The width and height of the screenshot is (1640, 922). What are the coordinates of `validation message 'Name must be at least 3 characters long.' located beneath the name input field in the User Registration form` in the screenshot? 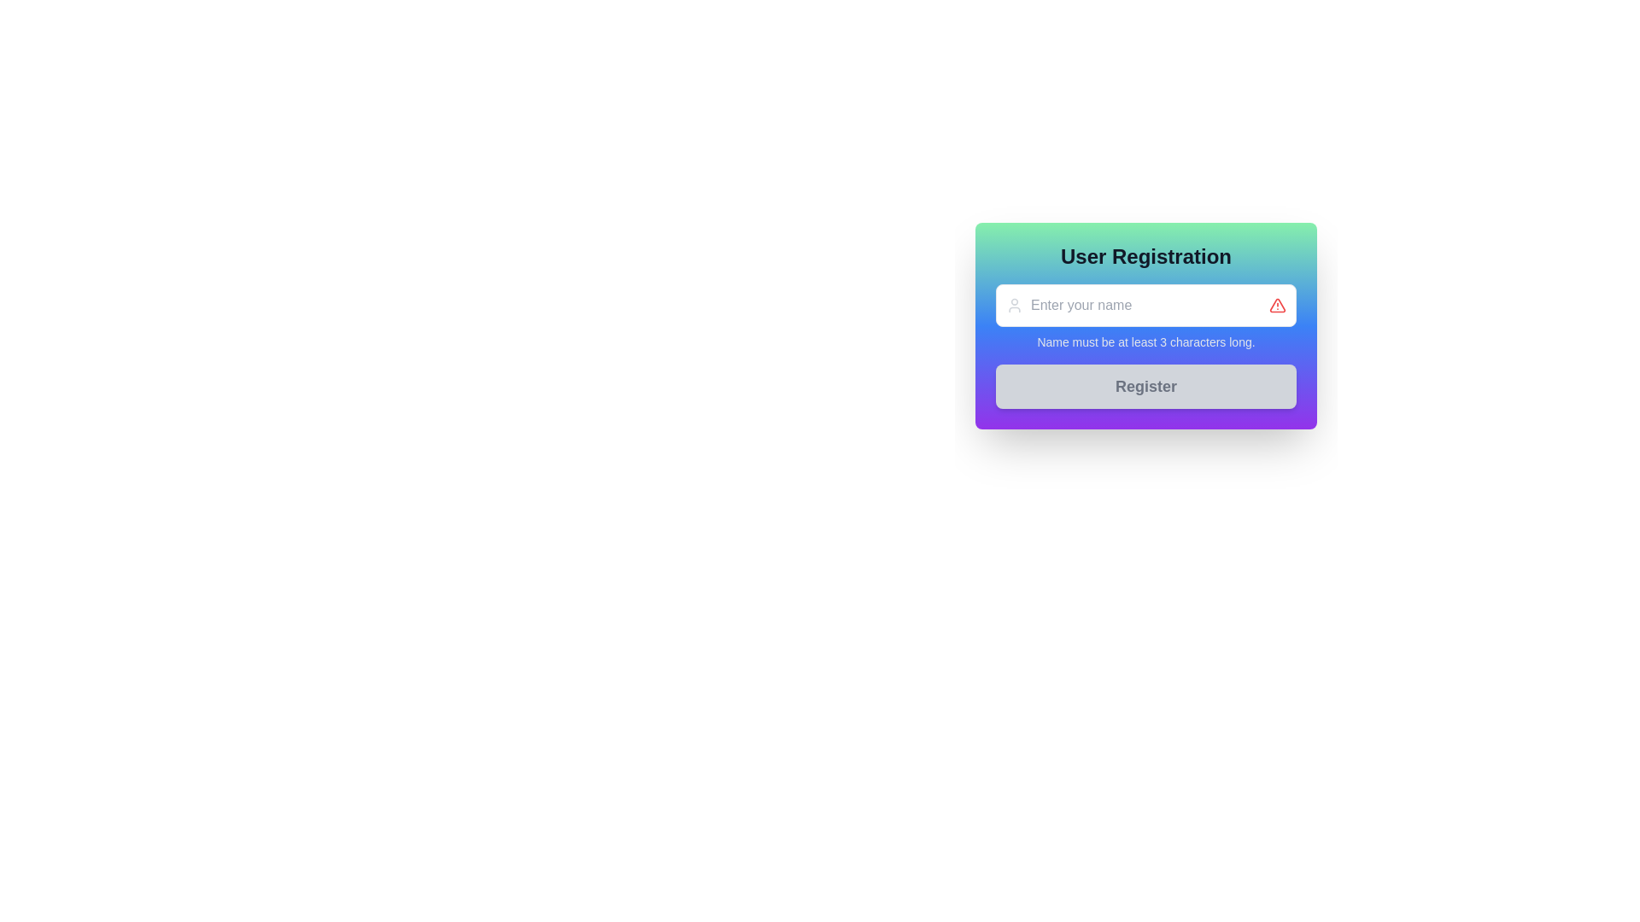 It's located at (1146, 342).